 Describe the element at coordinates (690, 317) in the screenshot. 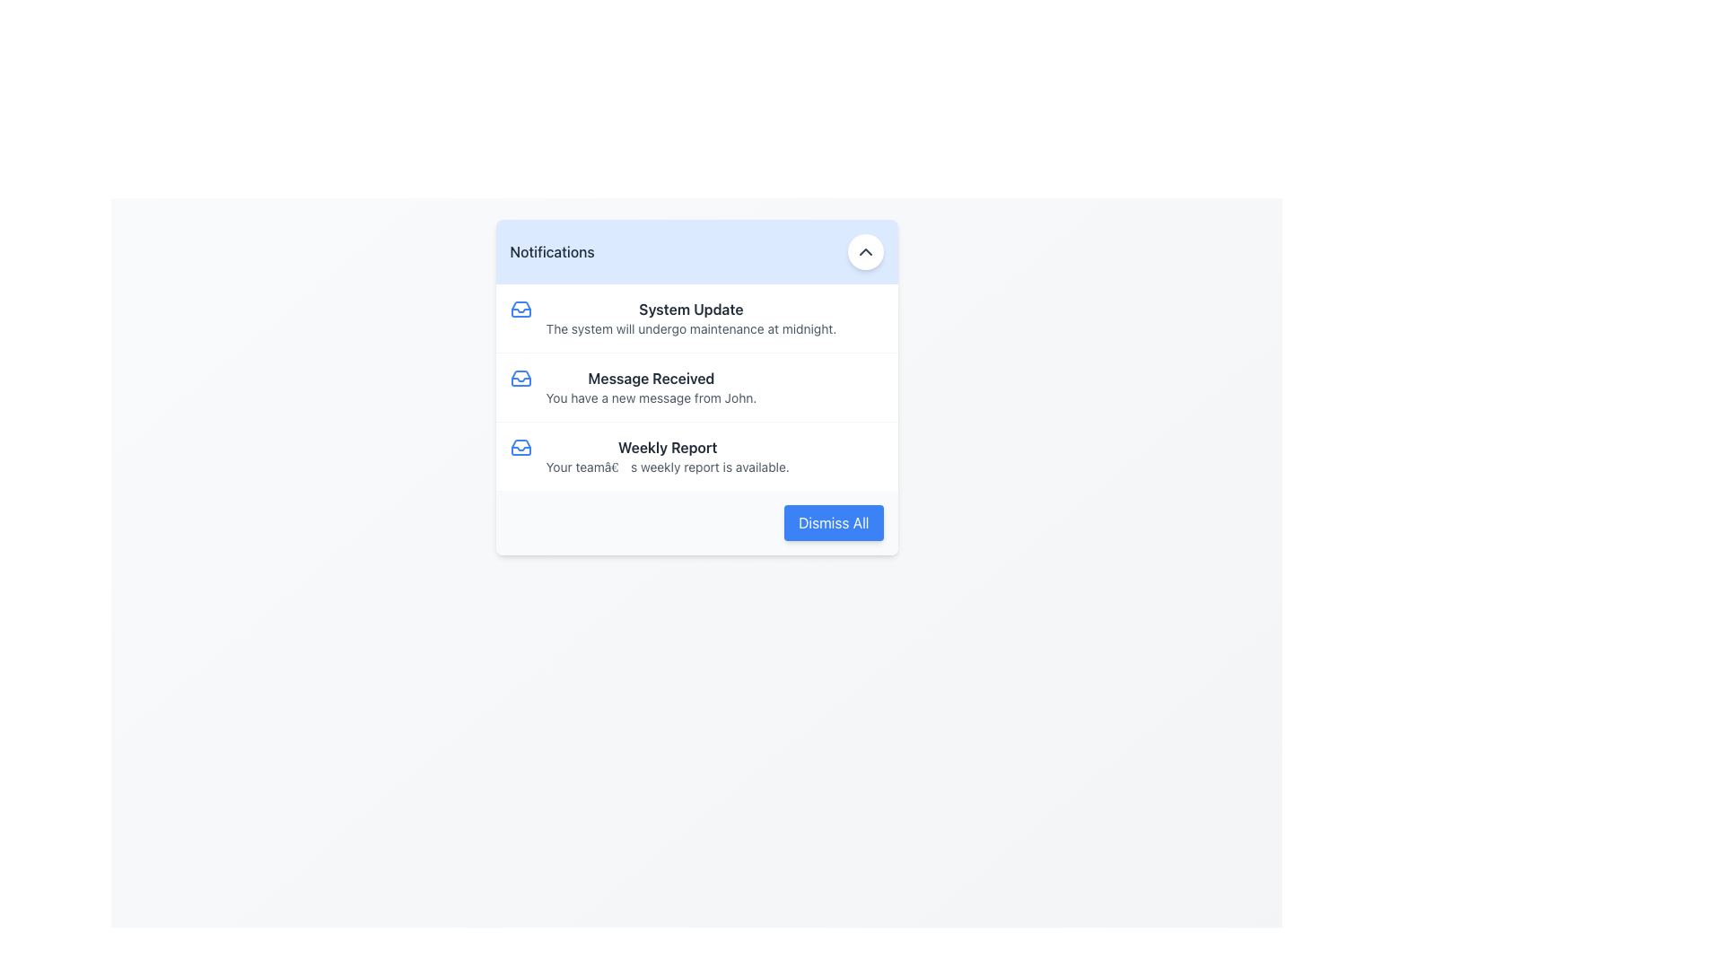

I see `the non-interactive text block titled 'System Update' that informs about system maintenance` at that location.